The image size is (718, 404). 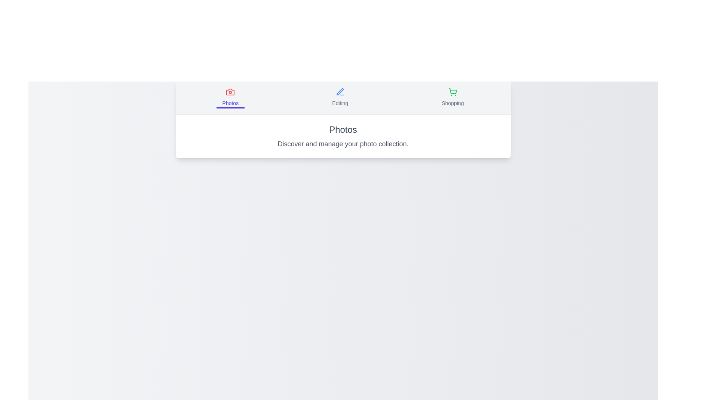 I want to click on the Shopping tab to view its content, so click(x=452, y=98).